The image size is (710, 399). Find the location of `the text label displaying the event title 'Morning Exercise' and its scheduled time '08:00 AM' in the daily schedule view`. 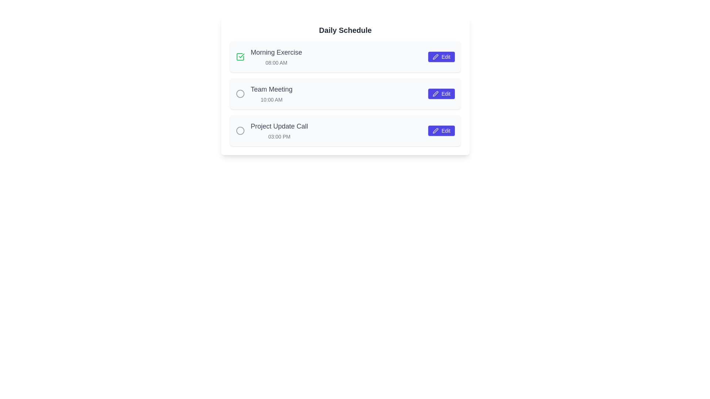

the text label displaying the event title 'Morning Exercise' and its scheduled time '08:00 AM' in the daily schedule view is located at coordinates (276, 57).